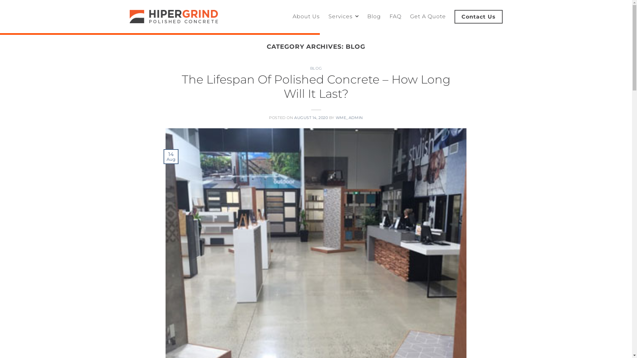  Describe the element at coordinates (343, 16) in the screenshot. I see `'Services'` at that location.